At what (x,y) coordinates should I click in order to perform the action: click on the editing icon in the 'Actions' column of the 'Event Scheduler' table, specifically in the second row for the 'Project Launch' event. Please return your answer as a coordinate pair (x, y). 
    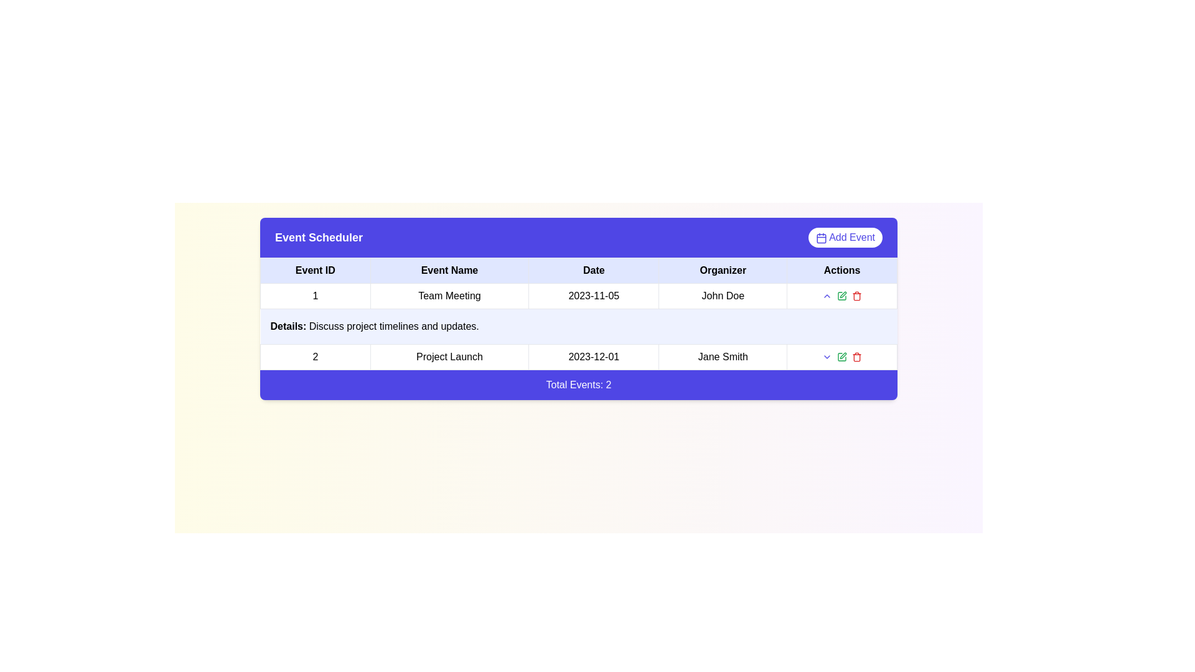
    Looking at the image, I should click on (842, 357).